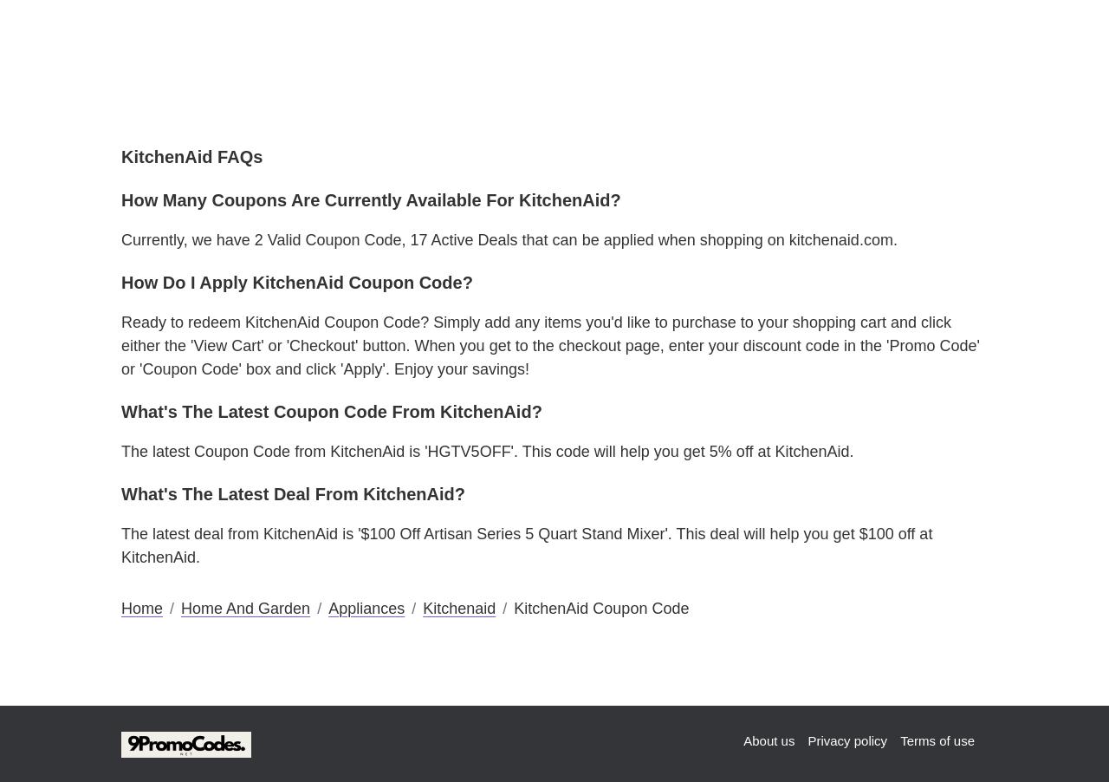 The width and height of the screenshot is (1109, 782). Describe the element at coordinates (899, 740) in the screenshot. I see `'Terms of use'` at that location.